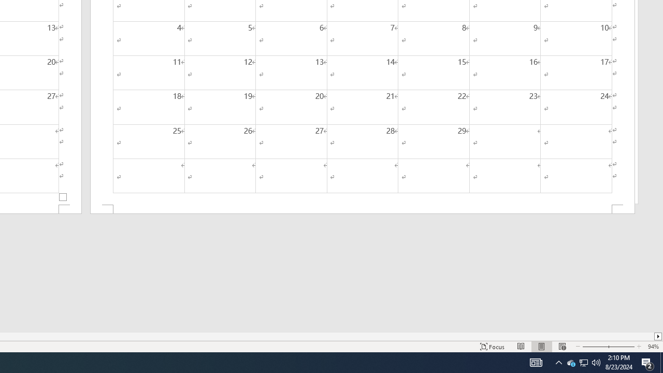  I want to click on 'Zoom Out', so click(594, 347).